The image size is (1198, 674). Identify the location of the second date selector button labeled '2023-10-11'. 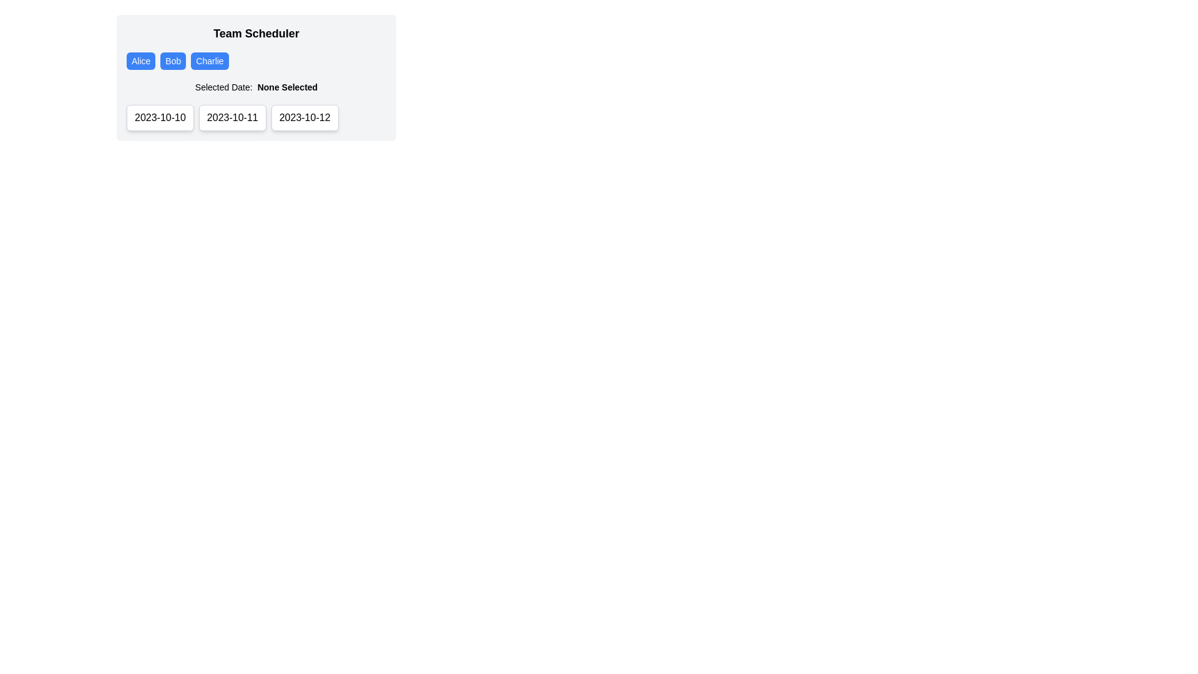
(256, 118).